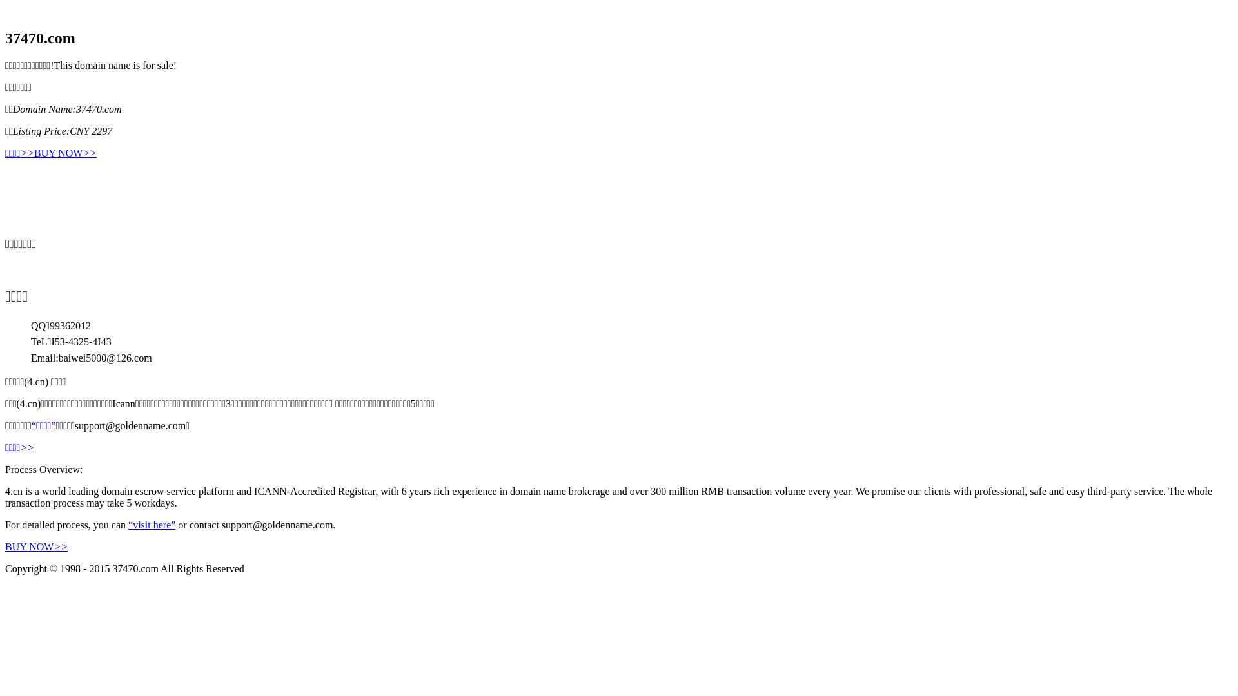 The width and height of the screenshot is (1238, 696). What do you see at coordinates (64, 153) in the screenshot?
I see `'BUY NOW>>'` at bounding box center [64, 153].